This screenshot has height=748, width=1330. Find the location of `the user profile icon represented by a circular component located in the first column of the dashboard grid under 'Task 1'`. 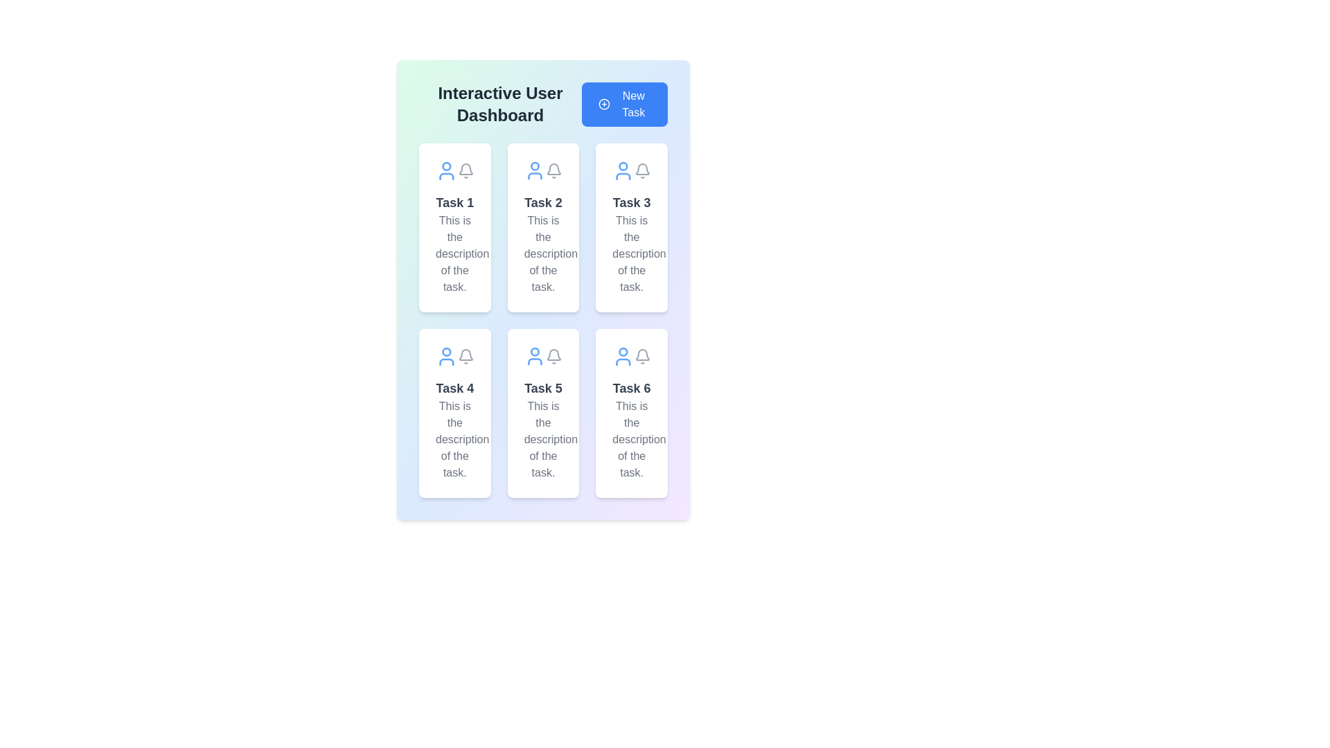

the user profile icon represented by a circular component located in the first column of the dashboard grid under 'Task 1' is located at coordinates (446, 166).